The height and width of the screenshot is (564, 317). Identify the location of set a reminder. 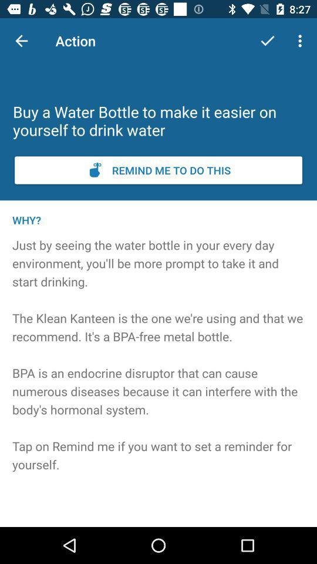
(158, 169).